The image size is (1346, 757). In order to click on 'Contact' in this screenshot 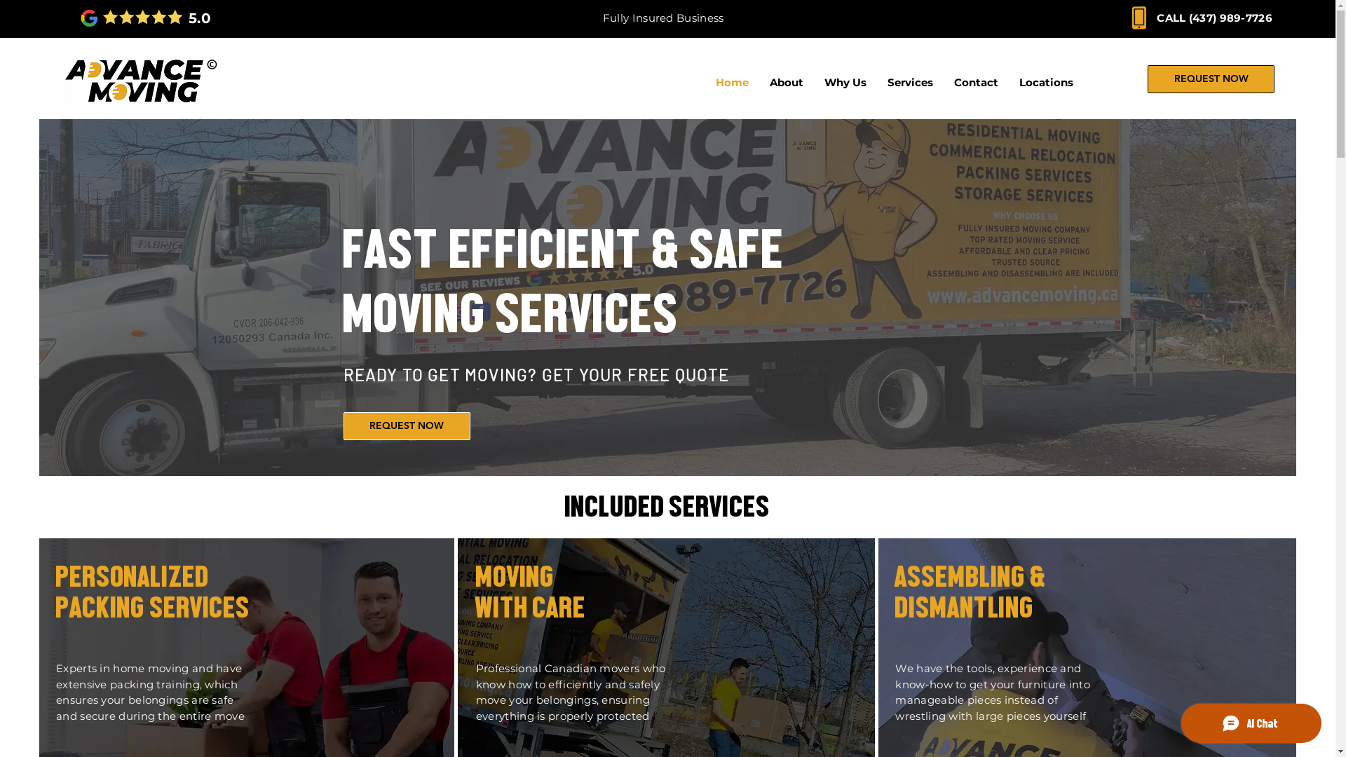, I will do `click(975, 83)`.